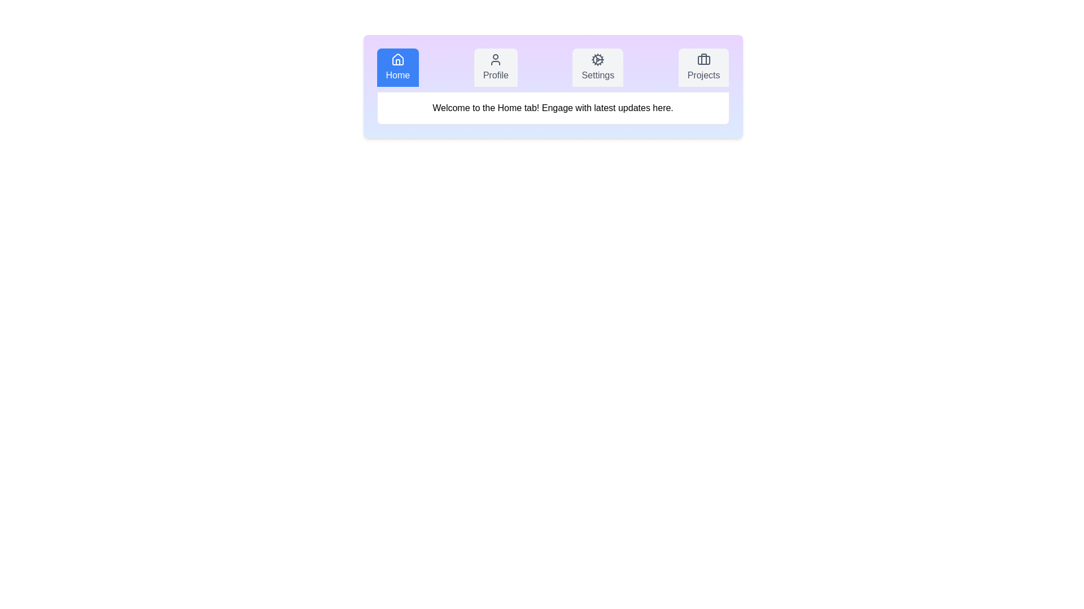 The height and width of the screenshot is (609, 1084). I want to click on the 'Profile' button, which is a rectangular button with a soft gray background and an icon of a human figure above the text 'Profile', located, so click(496, 67).